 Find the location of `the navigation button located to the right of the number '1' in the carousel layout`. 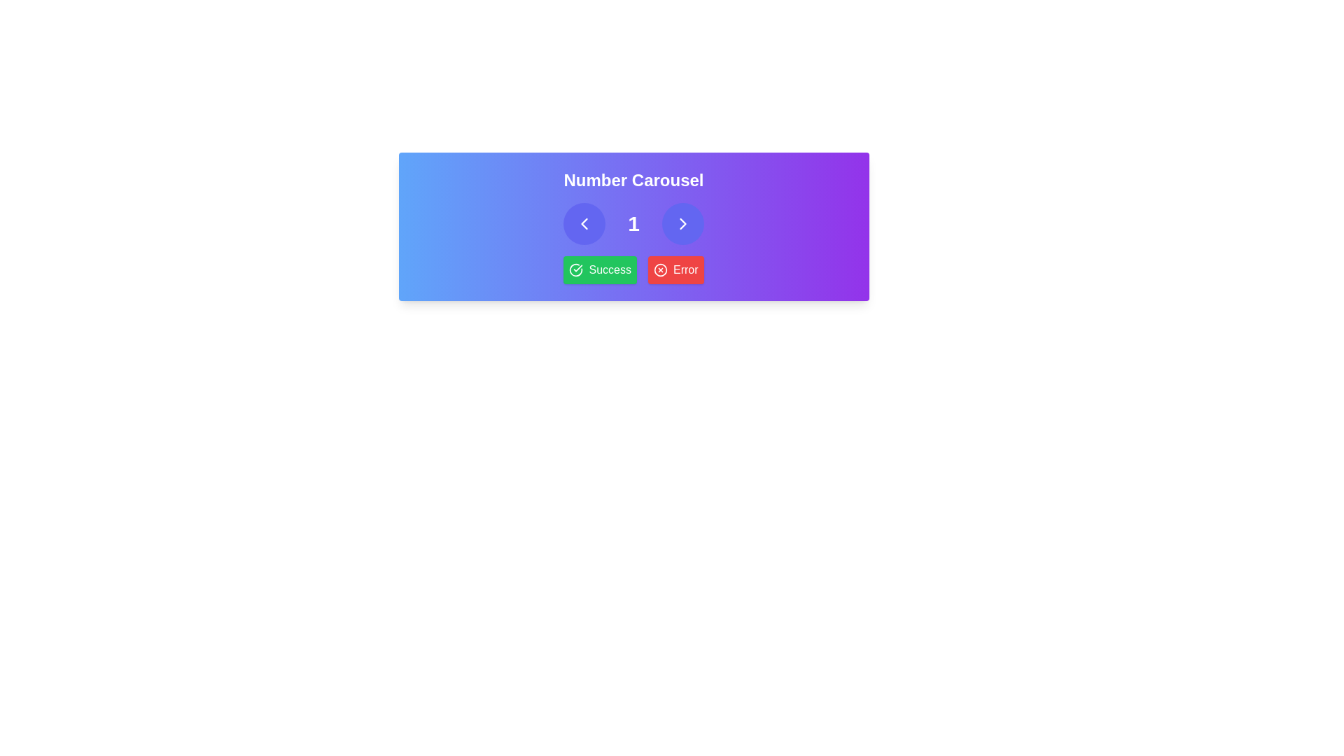

the navigation button located to the right of the number '1' in the carousel layout is located at coordinates (682, 223).